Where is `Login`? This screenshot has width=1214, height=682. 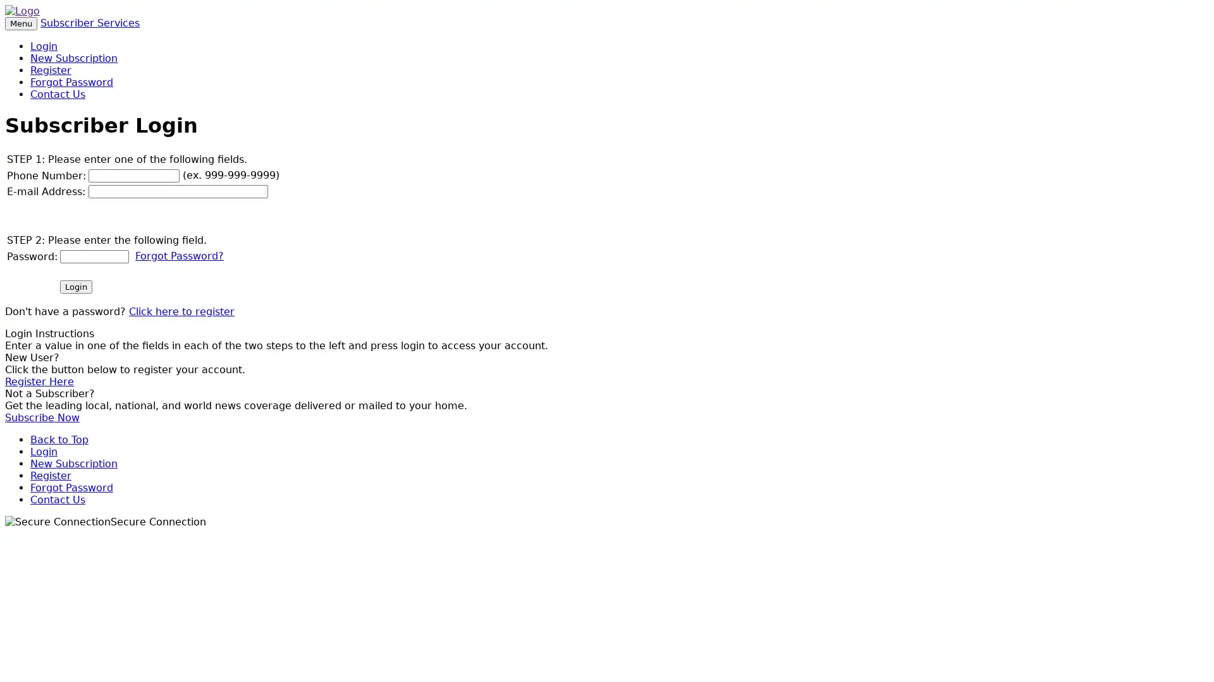 Login is located at coordinates (75, 286).